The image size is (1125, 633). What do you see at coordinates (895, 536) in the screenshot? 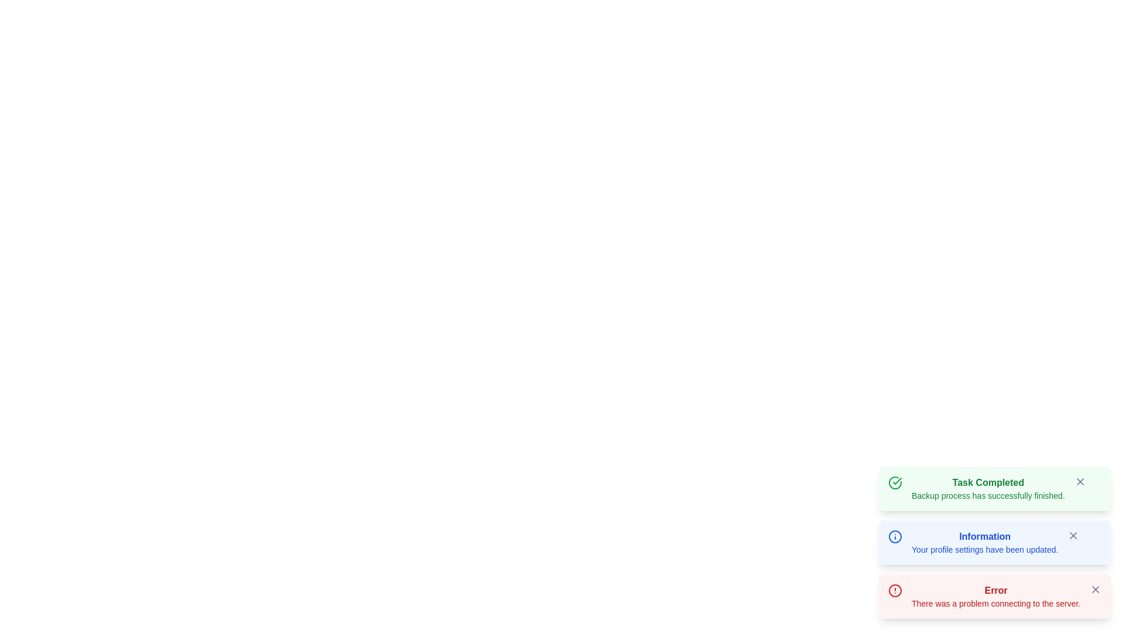
I see `the blue-stroked SVG Circle that is part of the information icon located at the center of the 'Information' message card` at bounding box center [895, 536].